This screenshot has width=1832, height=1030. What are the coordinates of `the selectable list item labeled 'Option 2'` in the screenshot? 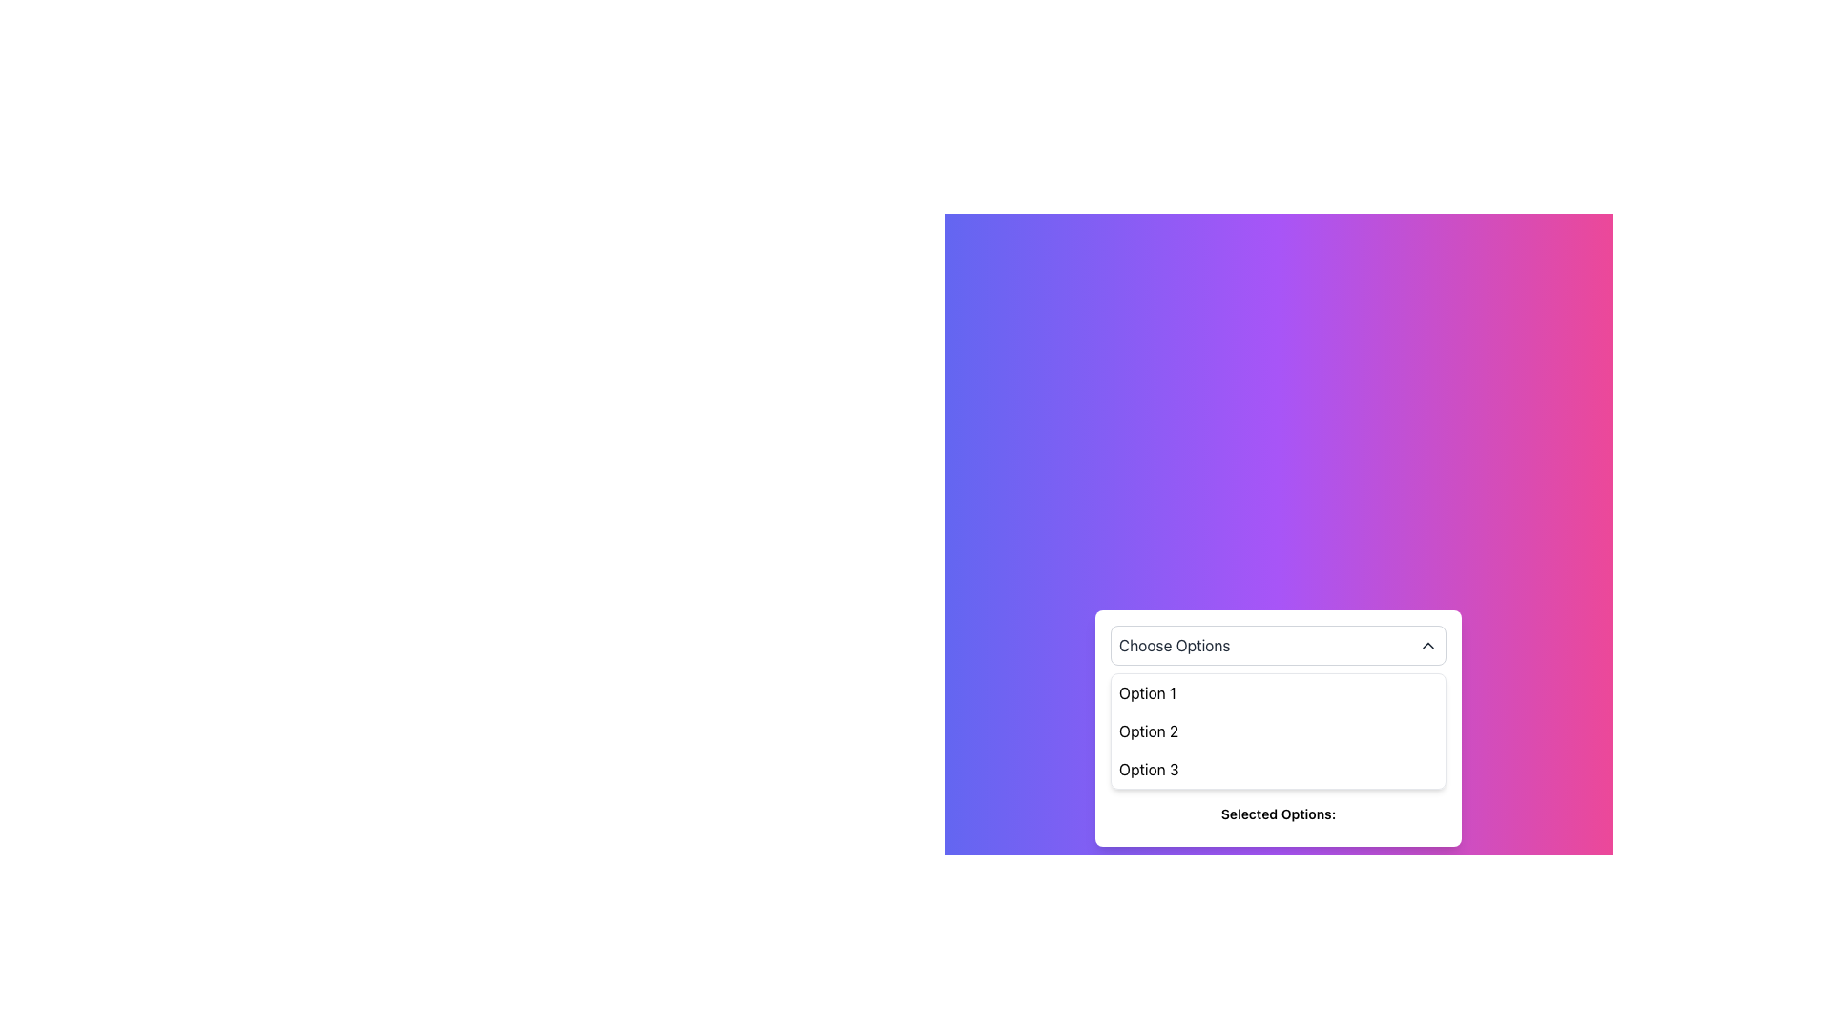 It's located at (1278, 731).